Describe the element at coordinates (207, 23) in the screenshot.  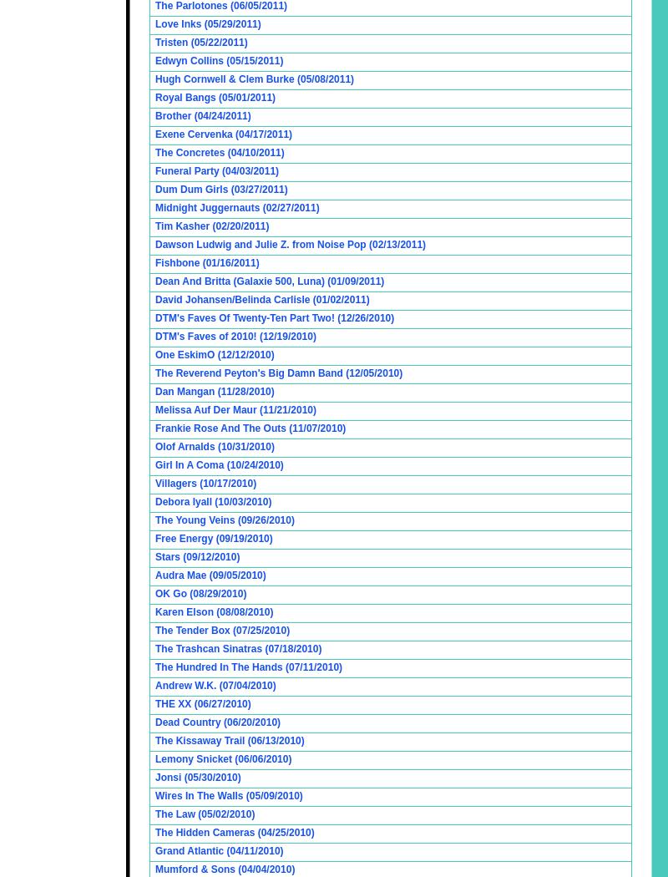
I see `'Love Inks (05/29/2011)'` at that location.